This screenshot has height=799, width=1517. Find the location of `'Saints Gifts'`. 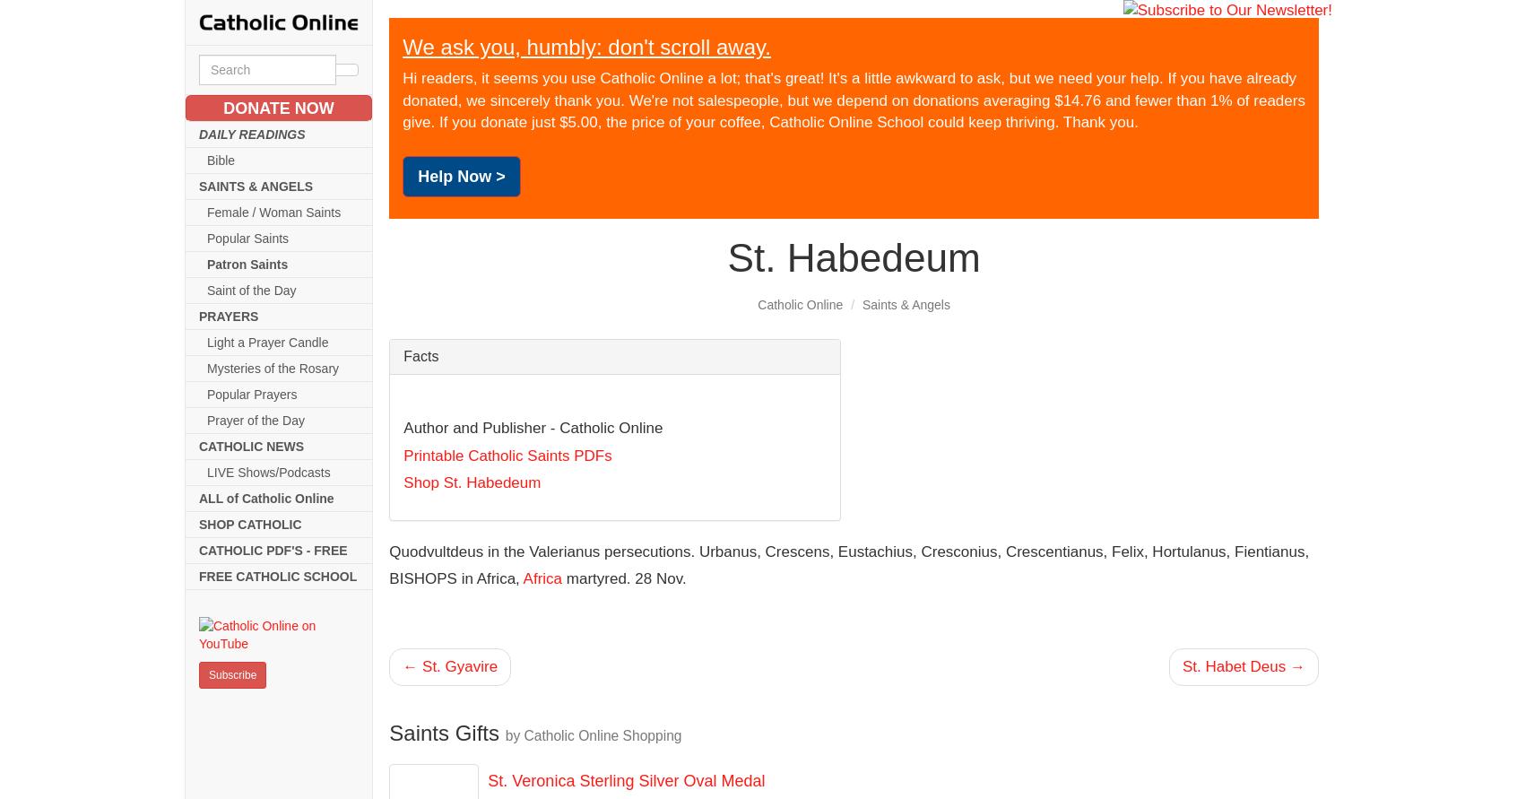

'Saints Gifts' is located at coordinates (446, 732).